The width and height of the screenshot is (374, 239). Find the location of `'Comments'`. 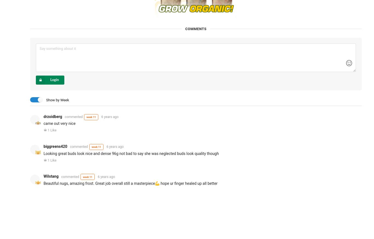

'Comments' is located at coordinates (195, 28).